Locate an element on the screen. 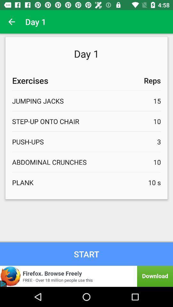 This screenshot has height=307, width=173. button to download application is located at coordinates (86, 276).